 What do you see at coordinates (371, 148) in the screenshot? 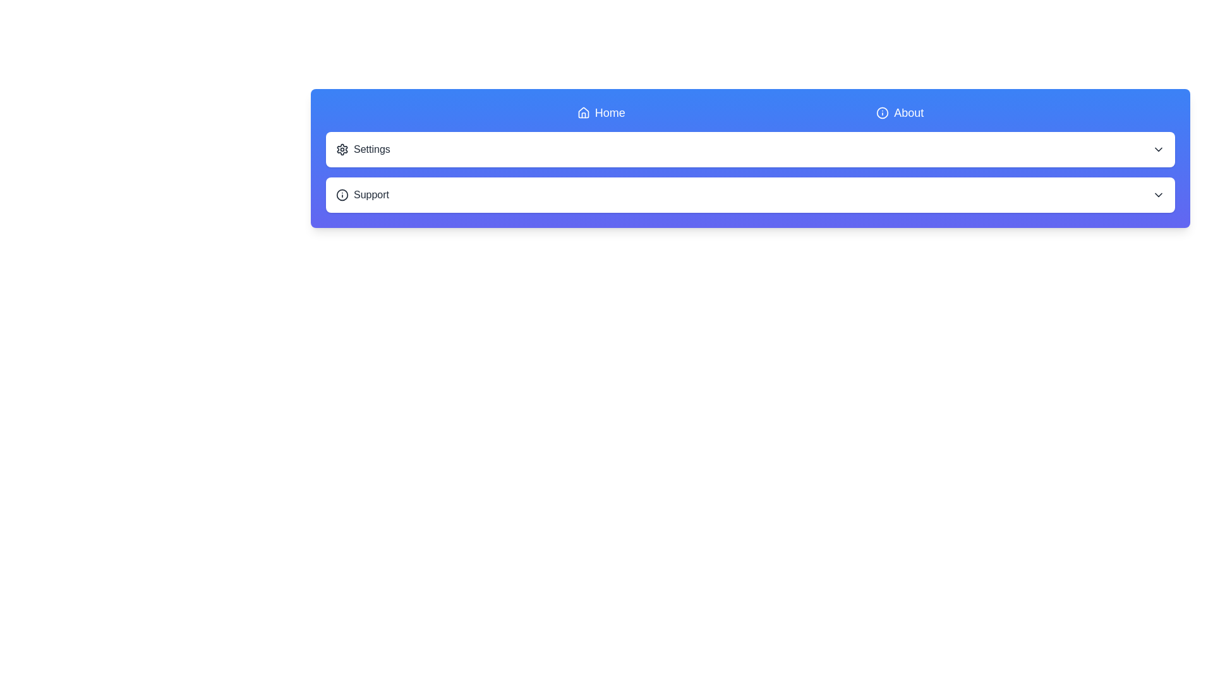
I see `the 'Settings' text label` at bounding box center [371, 148].